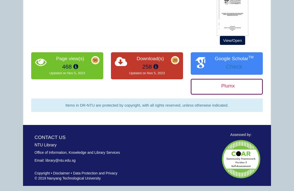  Describe the element at coordinates (95, 173) in the screenshot. I see `'Data Protection and Privacy'` at that location.